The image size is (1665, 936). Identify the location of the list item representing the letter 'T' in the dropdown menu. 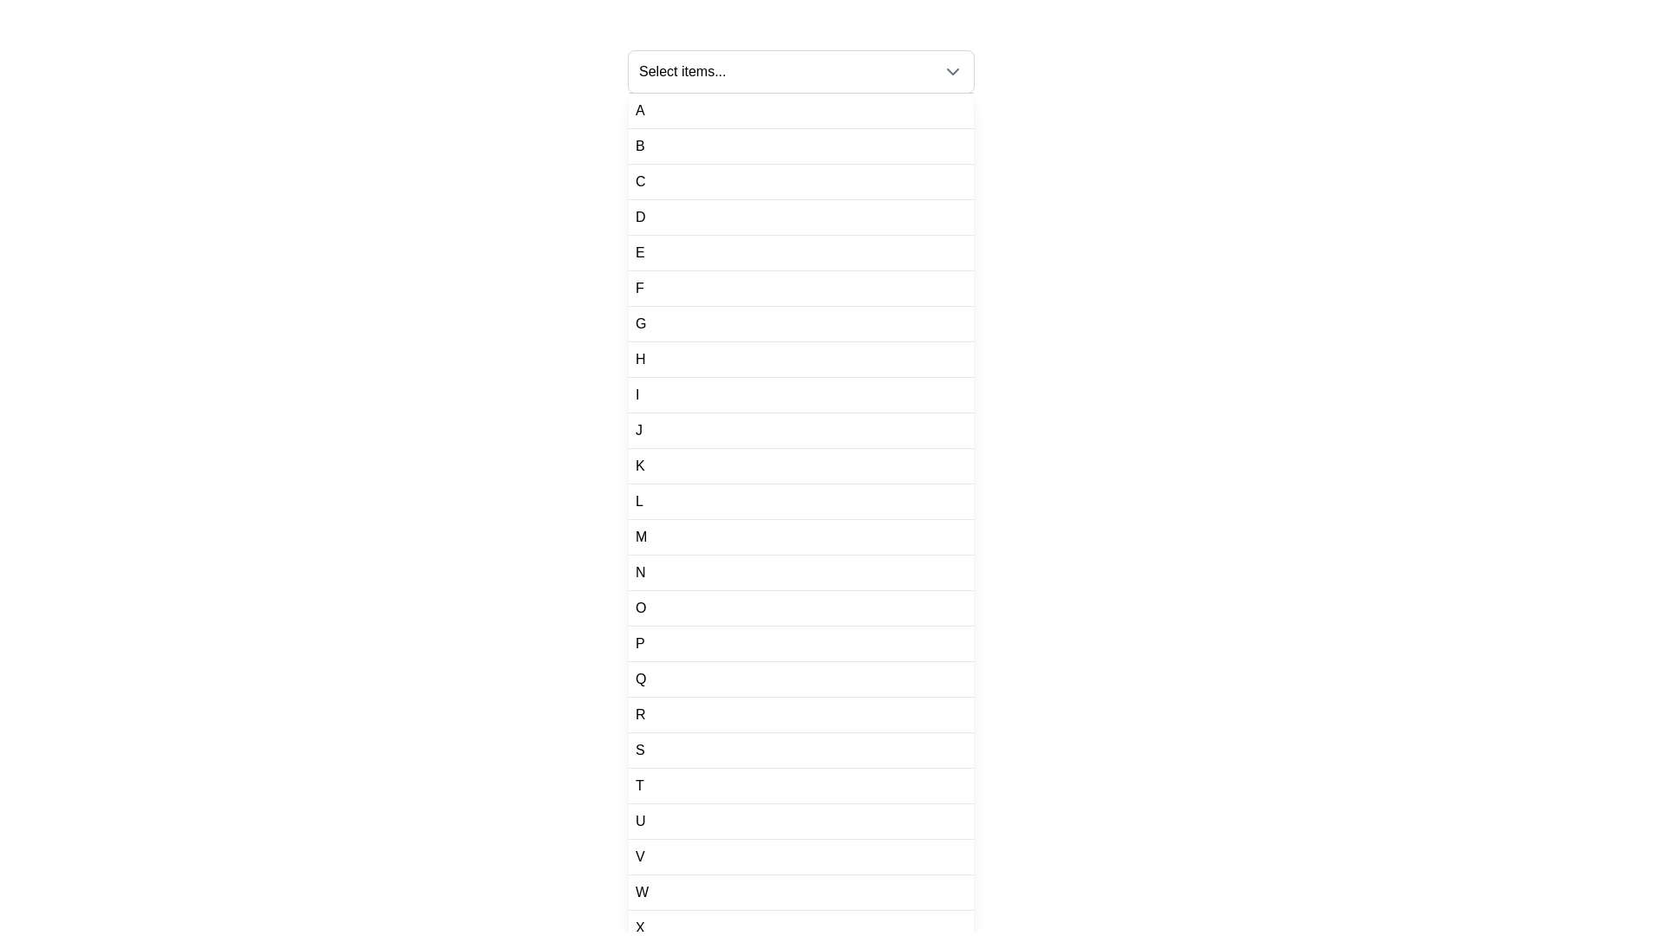
(800, 786).